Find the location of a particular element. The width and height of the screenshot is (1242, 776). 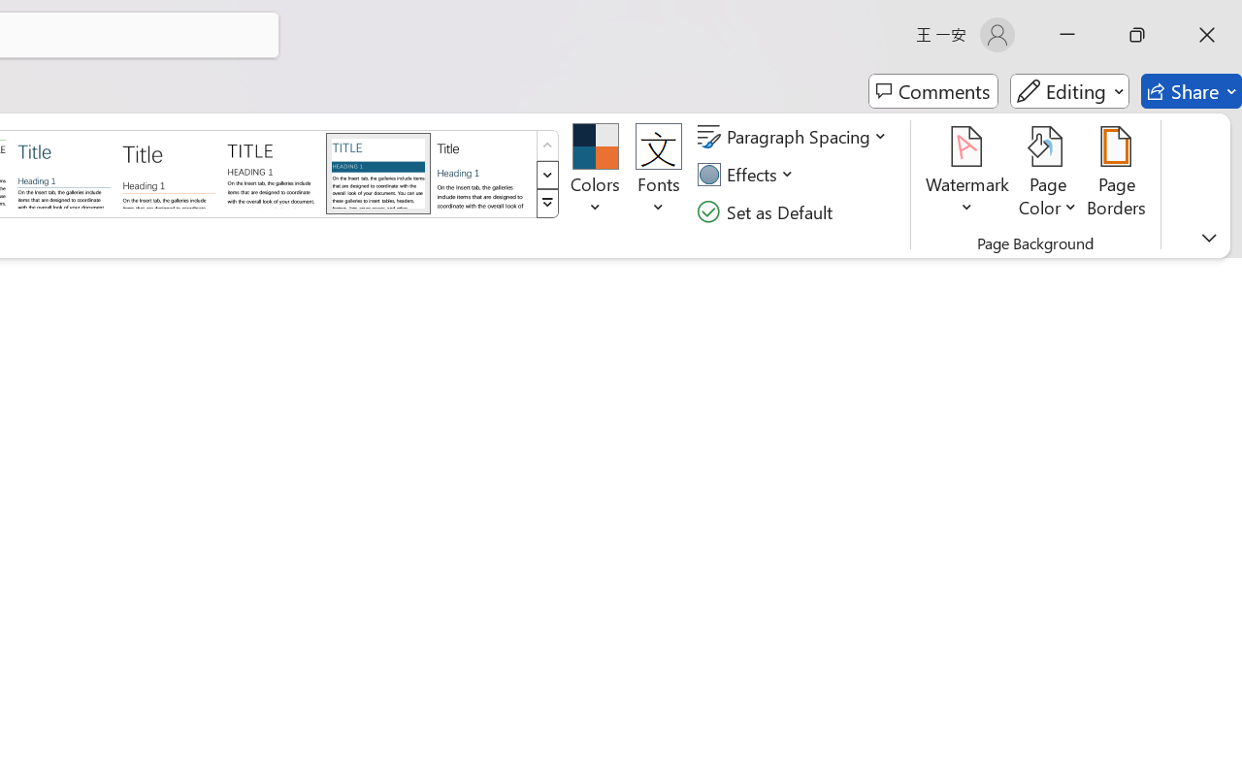

'Effects' is located at coordinates (747, 174).